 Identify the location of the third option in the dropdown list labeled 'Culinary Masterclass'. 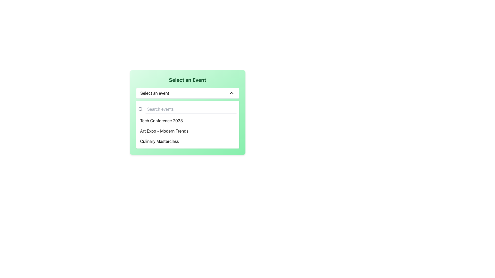
(187, 141).